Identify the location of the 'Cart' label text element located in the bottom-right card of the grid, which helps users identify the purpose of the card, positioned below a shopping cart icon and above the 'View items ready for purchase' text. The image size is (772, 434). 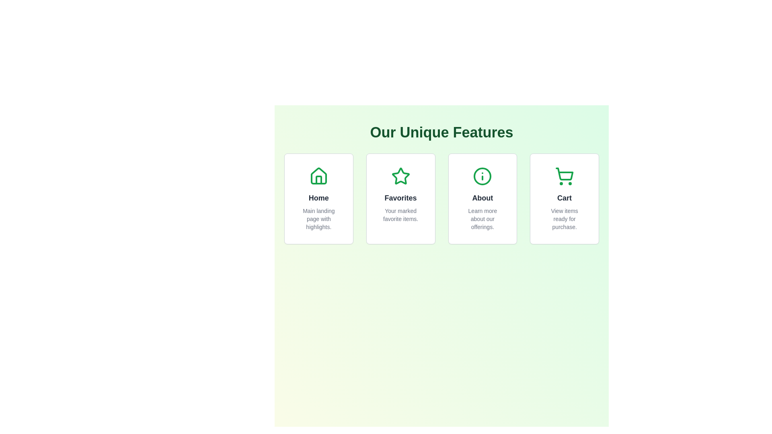
(564, 198).